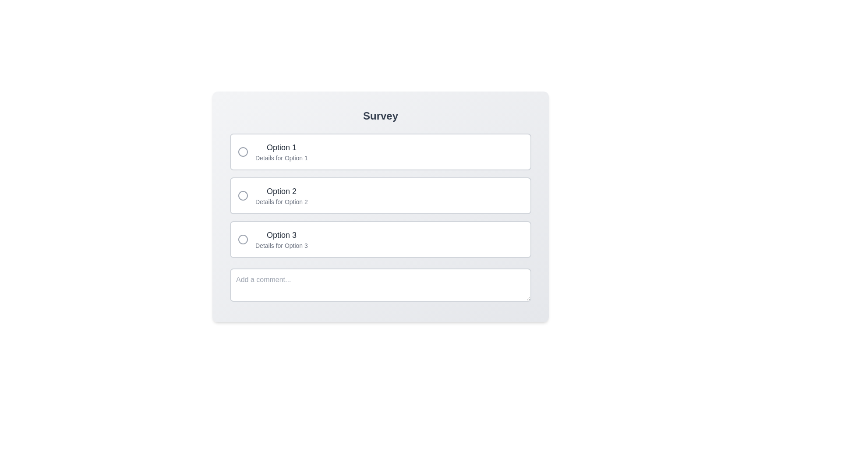  Describe the element at coordinates (243, 195) in the screenshot. I see `the radio button for 'Option 2'` at that location.